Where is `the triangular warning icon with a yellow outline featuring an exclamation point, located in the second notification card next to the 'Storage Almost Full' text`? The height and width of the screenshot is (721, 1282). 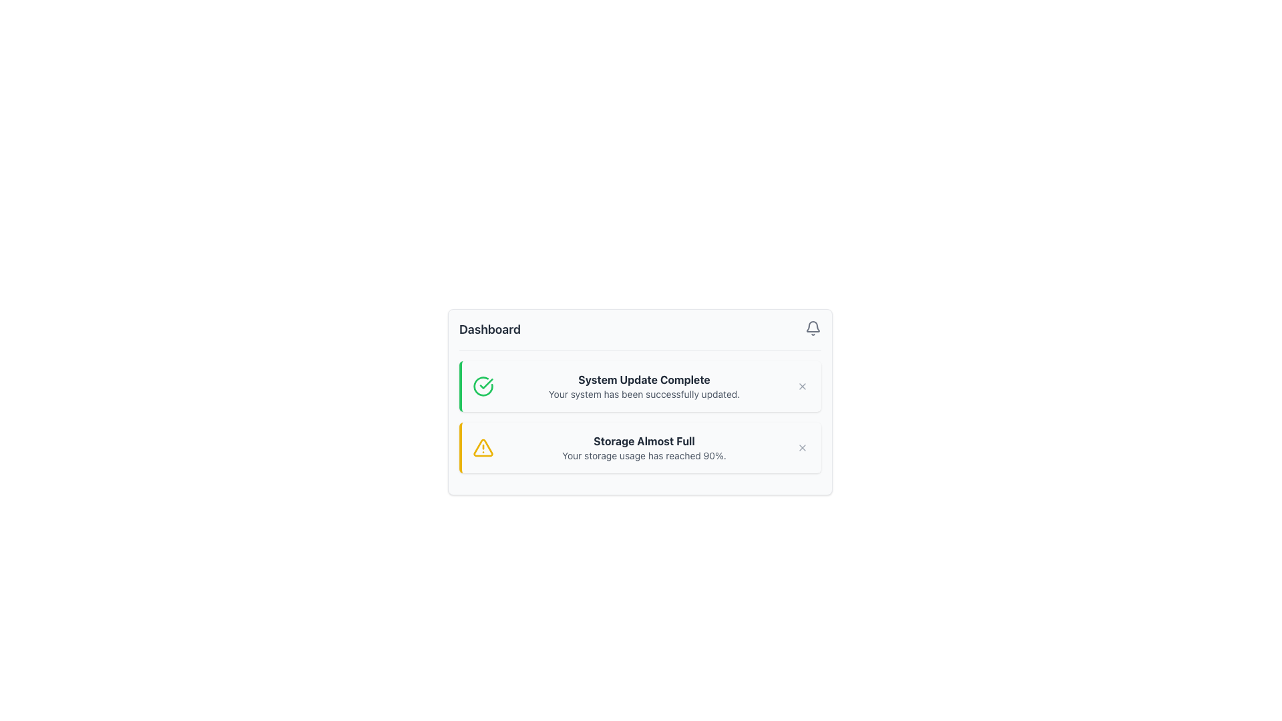
the triangular warning icon with a yellow outline featuring an exclamation point, located in the second notification card next to the 'Storage Almost Full' text is located at coordinates (483, 448).